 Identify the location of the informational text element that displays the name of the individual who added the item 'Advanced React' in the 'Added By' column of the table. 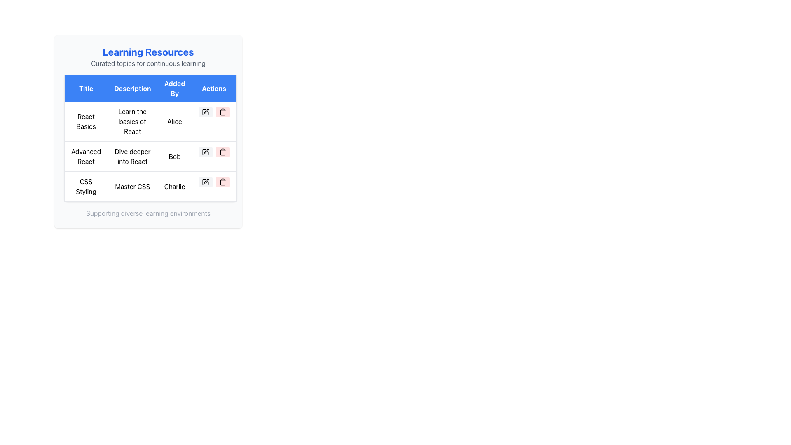
(174, 157).